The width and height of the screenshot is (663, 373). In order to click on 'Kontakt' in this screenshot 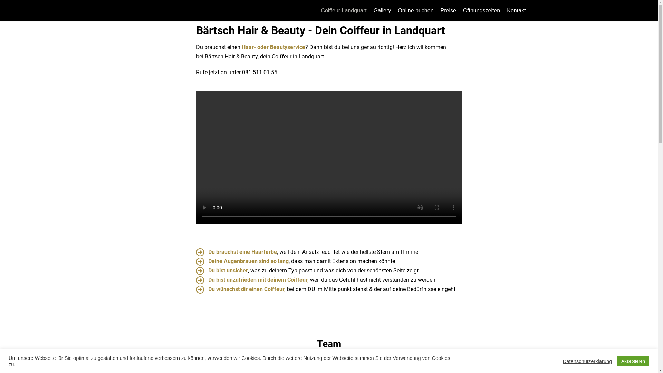, I will do `click(516, 10)`.